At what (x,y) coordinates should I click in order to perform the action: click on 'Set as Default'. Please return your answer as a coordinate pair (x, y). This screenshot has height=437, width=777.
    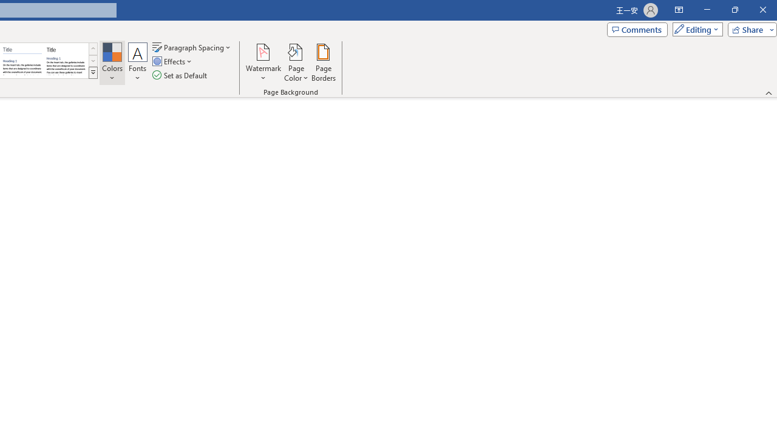
    Looking at the image, I should click on (180, 75).